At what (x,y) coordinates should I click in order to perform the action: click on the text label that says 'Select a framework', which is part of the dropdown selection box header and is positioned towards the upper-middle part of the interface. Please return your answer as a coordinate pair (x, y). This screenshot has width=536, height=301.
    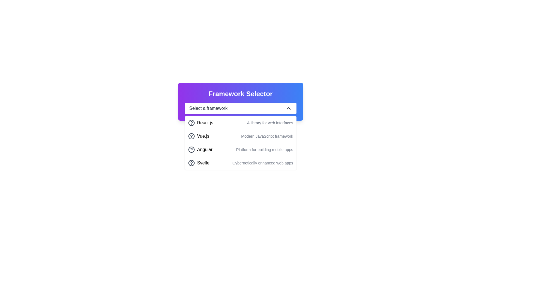
    Looking at the image, I should click on (208, 108).